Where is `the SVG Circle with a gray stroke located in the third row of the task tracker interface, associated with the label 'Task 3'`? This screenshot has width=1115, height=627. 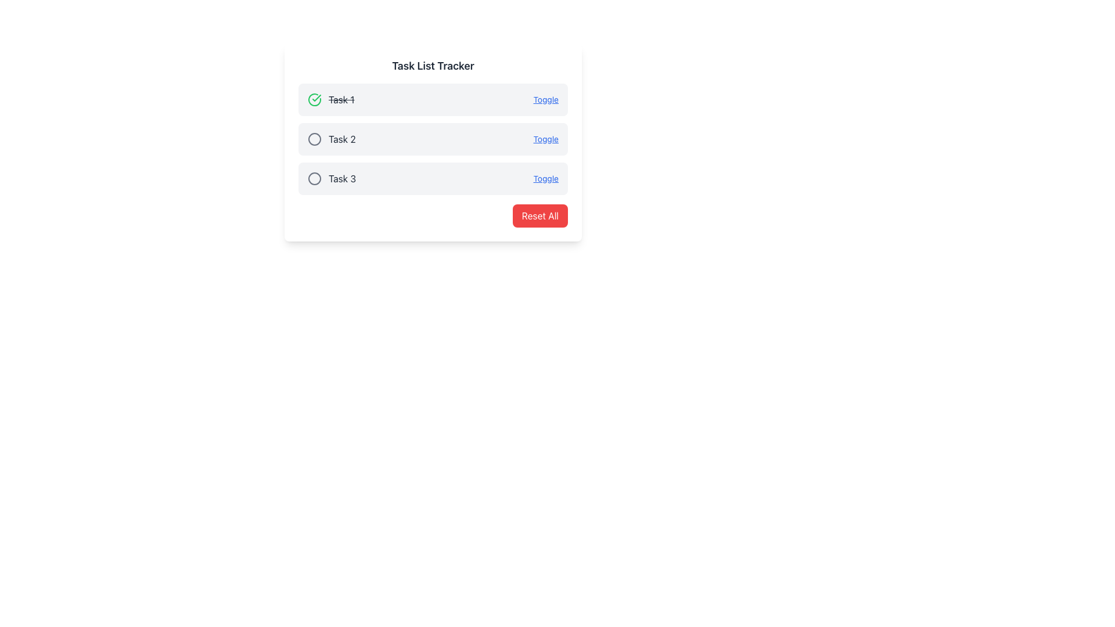
the SVG Circle with a gray stroke located in the third row of the task tracker interface, associated with the label 'Task 3' is located at coordinates (315, 179).